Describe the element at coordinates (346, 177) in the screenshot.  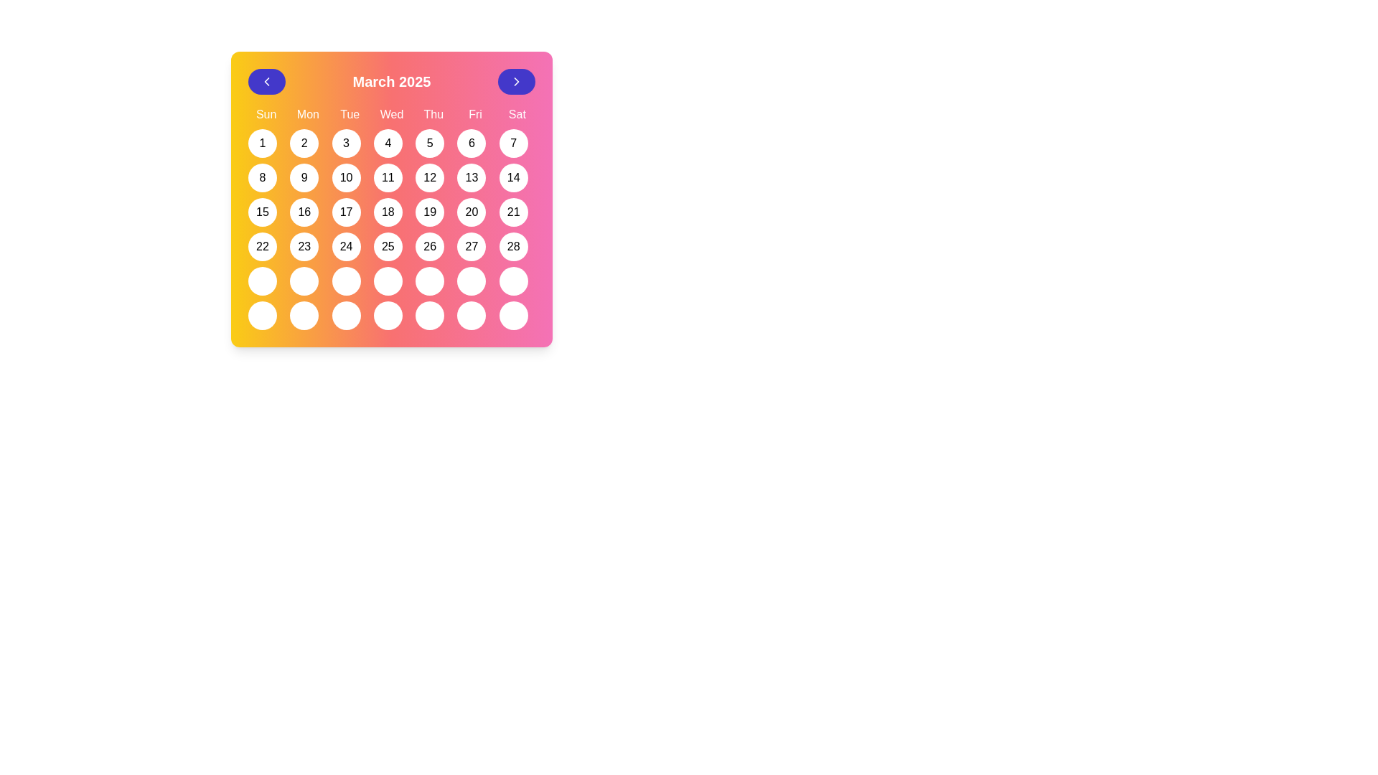
I see `the button representing the date '10' on the calendar` at that location.